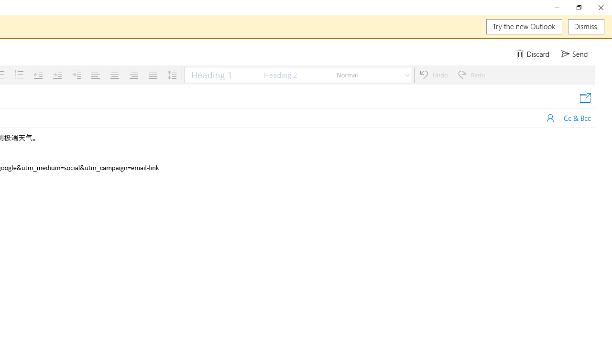  I want to click on 'Dismiss', so click(586, 26).